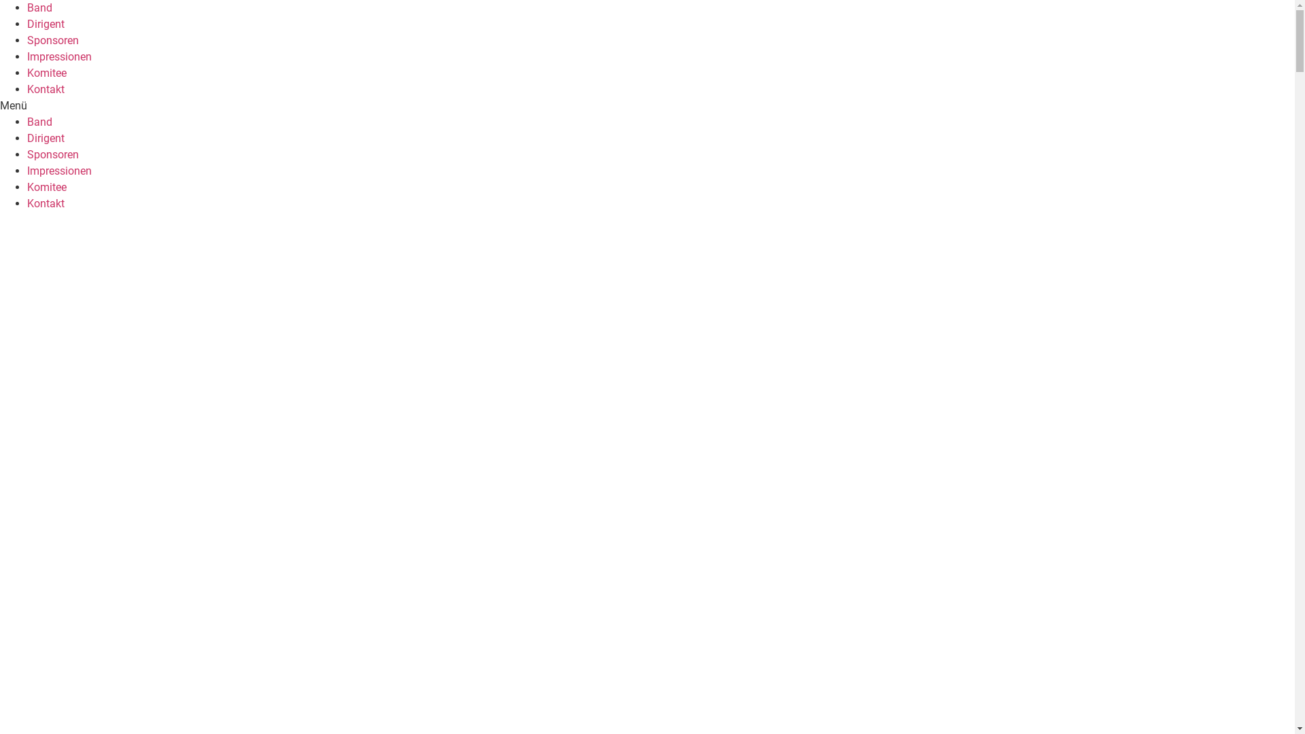 The width and height of the screenshot is (1305, 734). What do you see at coordinates (58, 170) in the screenshot?
I see `'Impressionen'` at bounding box center [58, 170].